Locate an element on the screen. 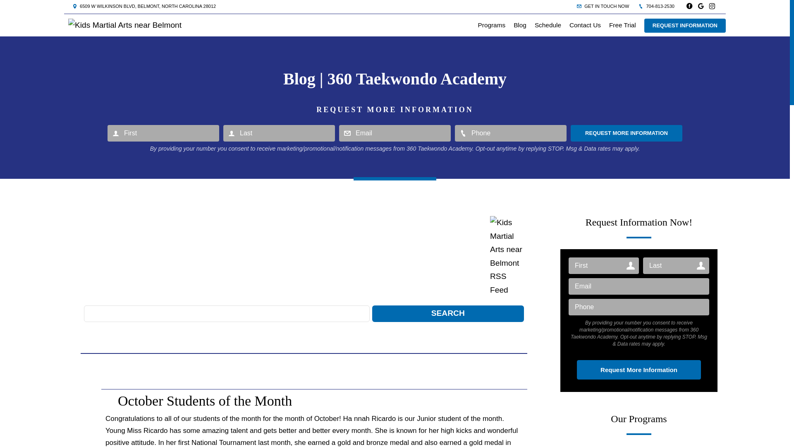  'October Students of the Month' is located at coordinates (205, 400).